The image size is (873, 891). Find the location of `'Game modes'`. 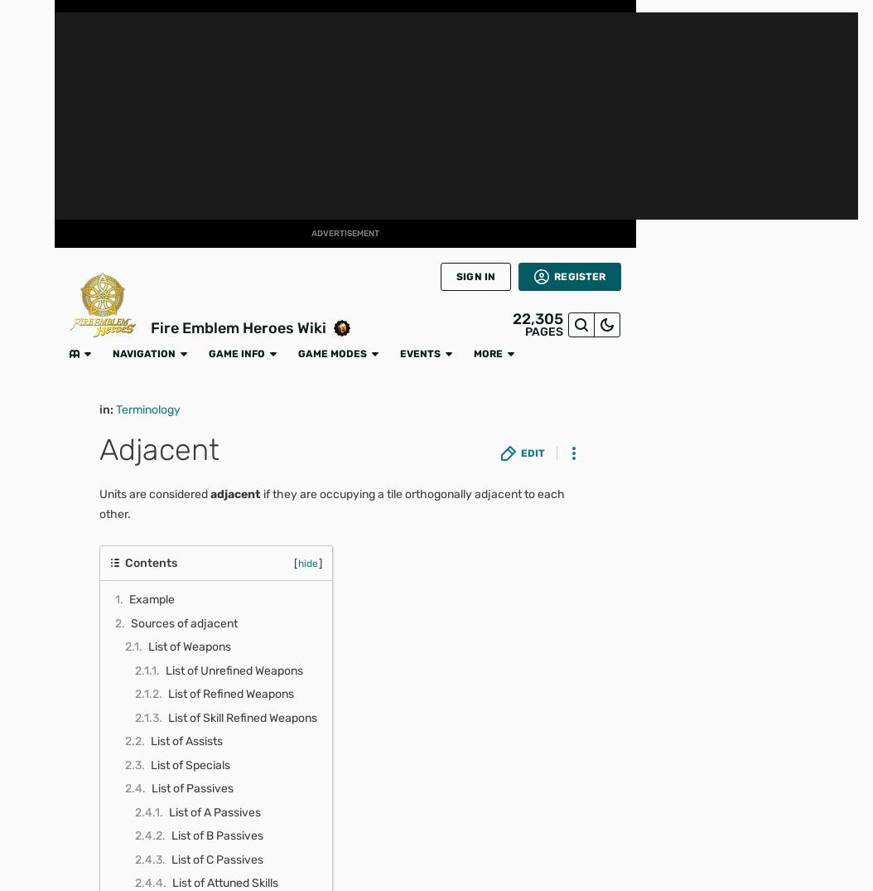

'Game modes' is located at coordinates (271, 17).